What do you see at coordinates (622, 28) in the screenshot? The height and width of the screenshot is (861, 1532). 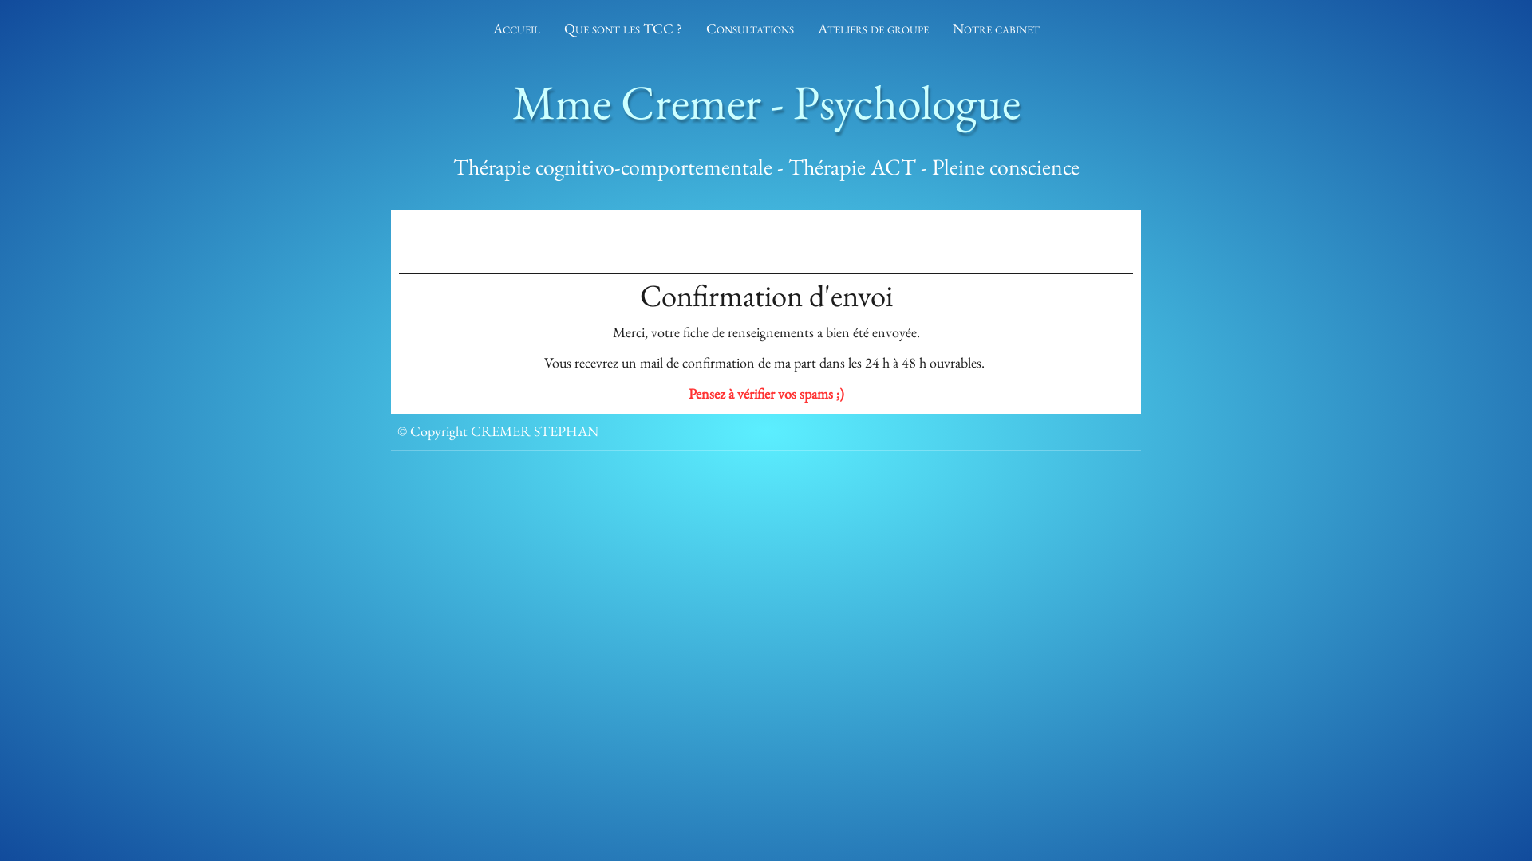 I see `'Que sont les TCC ?'` at bounding box center [622, 28].